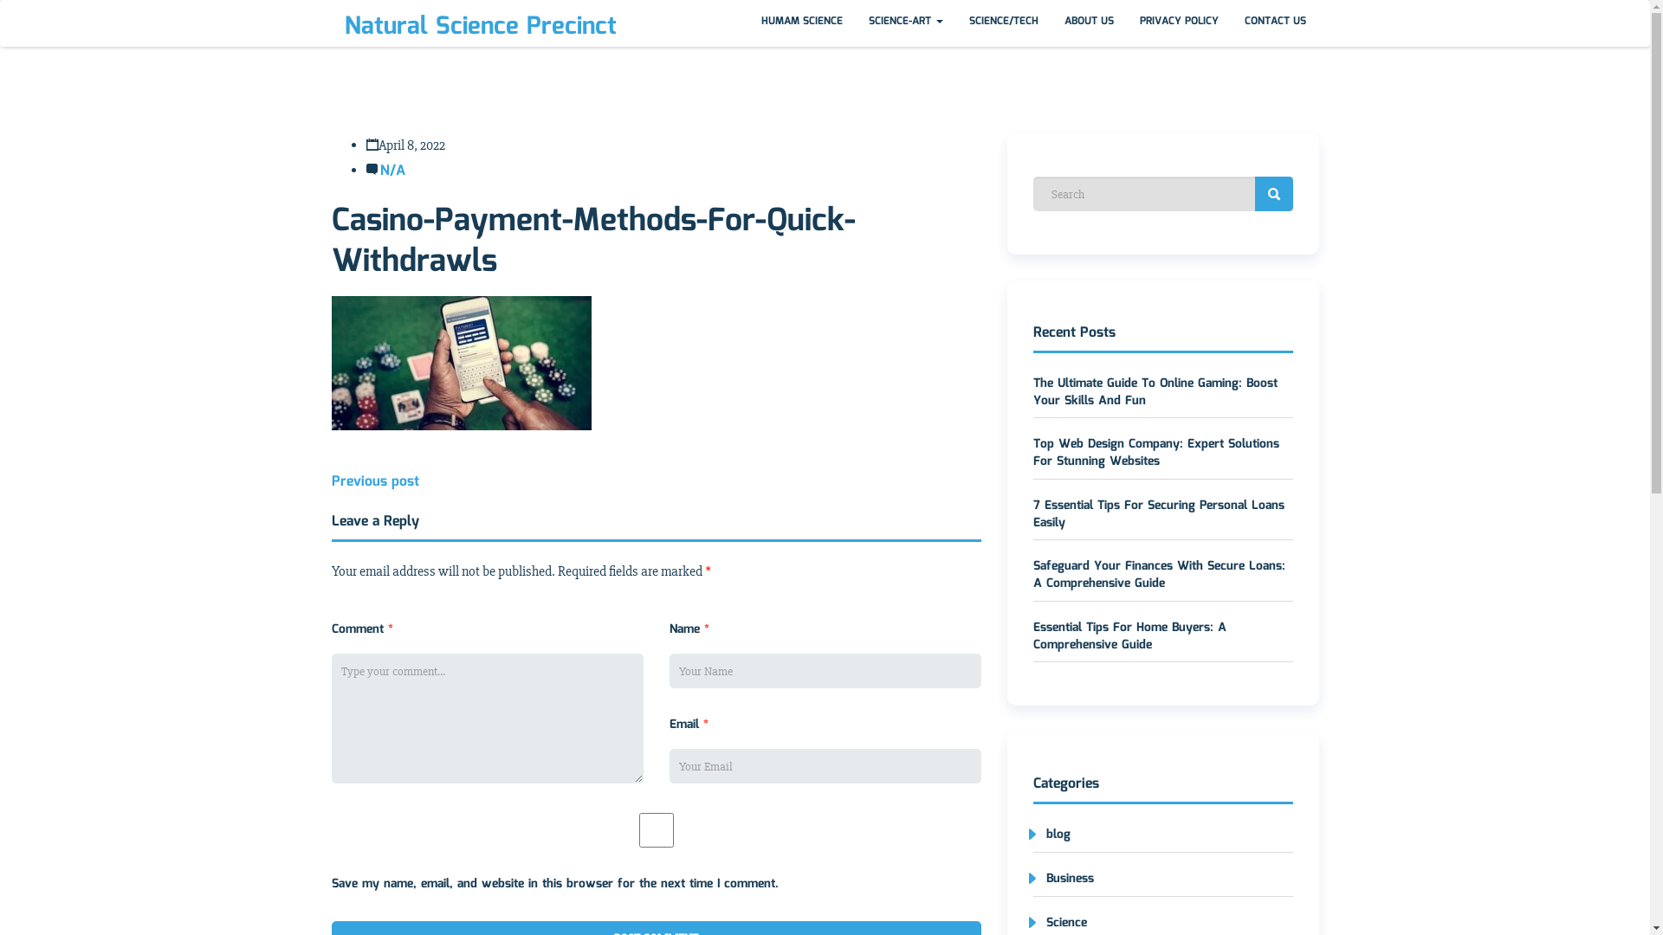  Describe the element at coordinates (1003, 23) in the screenshot. I see `'SCIENCE/TECH'` at that location.